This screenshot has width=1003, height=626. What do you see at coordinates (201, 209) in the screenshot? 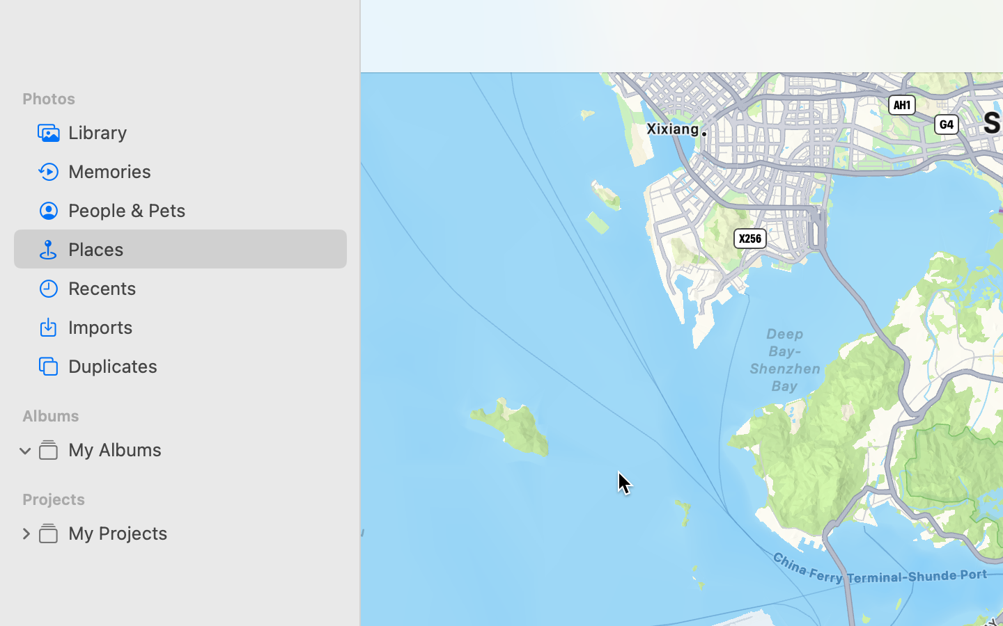
I see `'People & Pets'` at bounding box center [201, 209].